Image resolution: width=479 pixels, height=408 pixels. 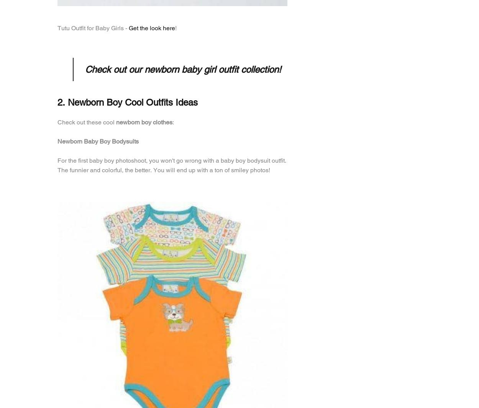 What do you see at coordinates (85, 69) in the screenshot?
I see `'Check out our'` at bounding box center [85, 69].